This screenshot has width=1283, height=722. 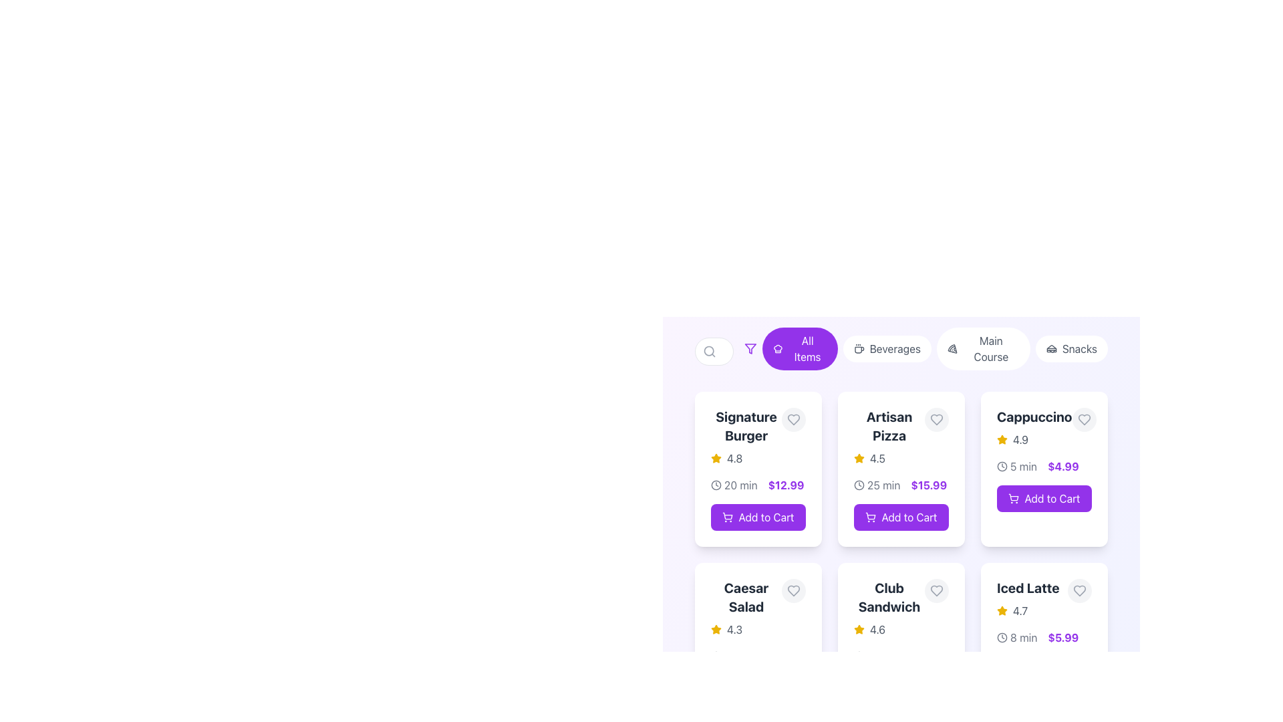 What do you see at coordinates (734, 458) in the screenshot?
I see `value displayed in the rating indicator, which shows an average user rating of '4.8' located to the right of the star icon in the 'Signature Burger' card` at bounding box center [734, 458].